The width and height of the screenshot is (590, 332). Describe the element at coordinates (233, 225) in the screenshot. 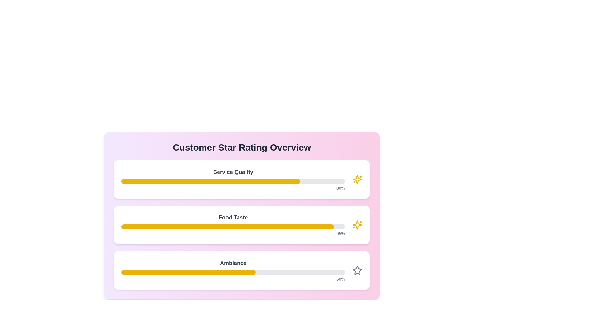

I see `the horizontal progress bar indicating 95% progress beneath the 'Food Taste' label` at that location.